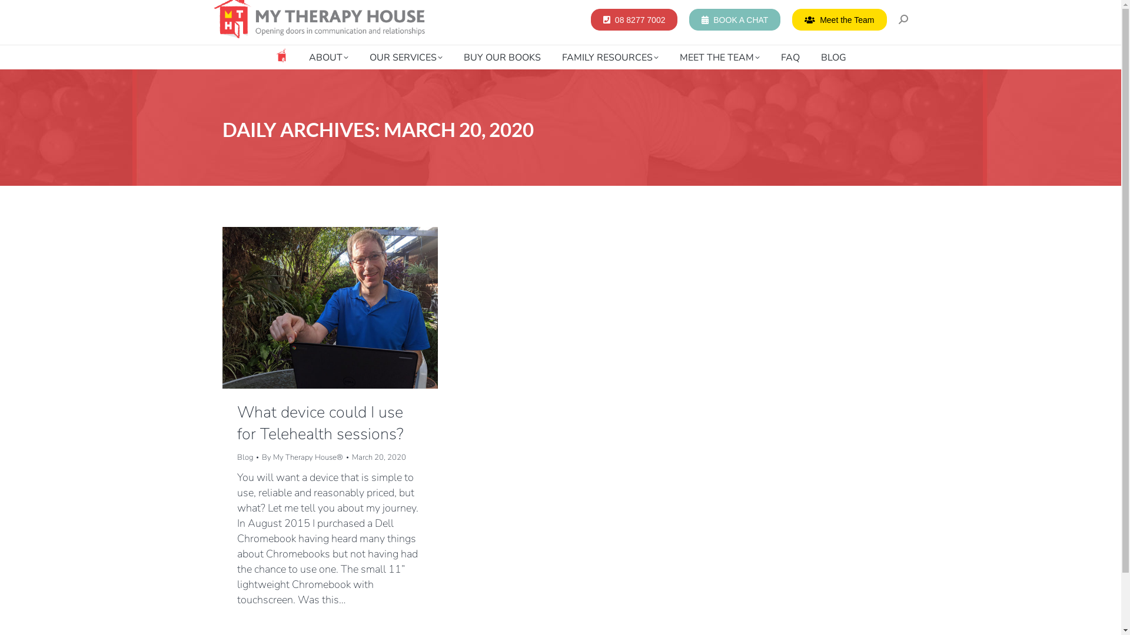 The width and height of the screenshot is (1130, 635). What do you see at coordinates (838, 19) in the screenshot?
I see `'  Meet the Team'` at bounding box center [838, 19].